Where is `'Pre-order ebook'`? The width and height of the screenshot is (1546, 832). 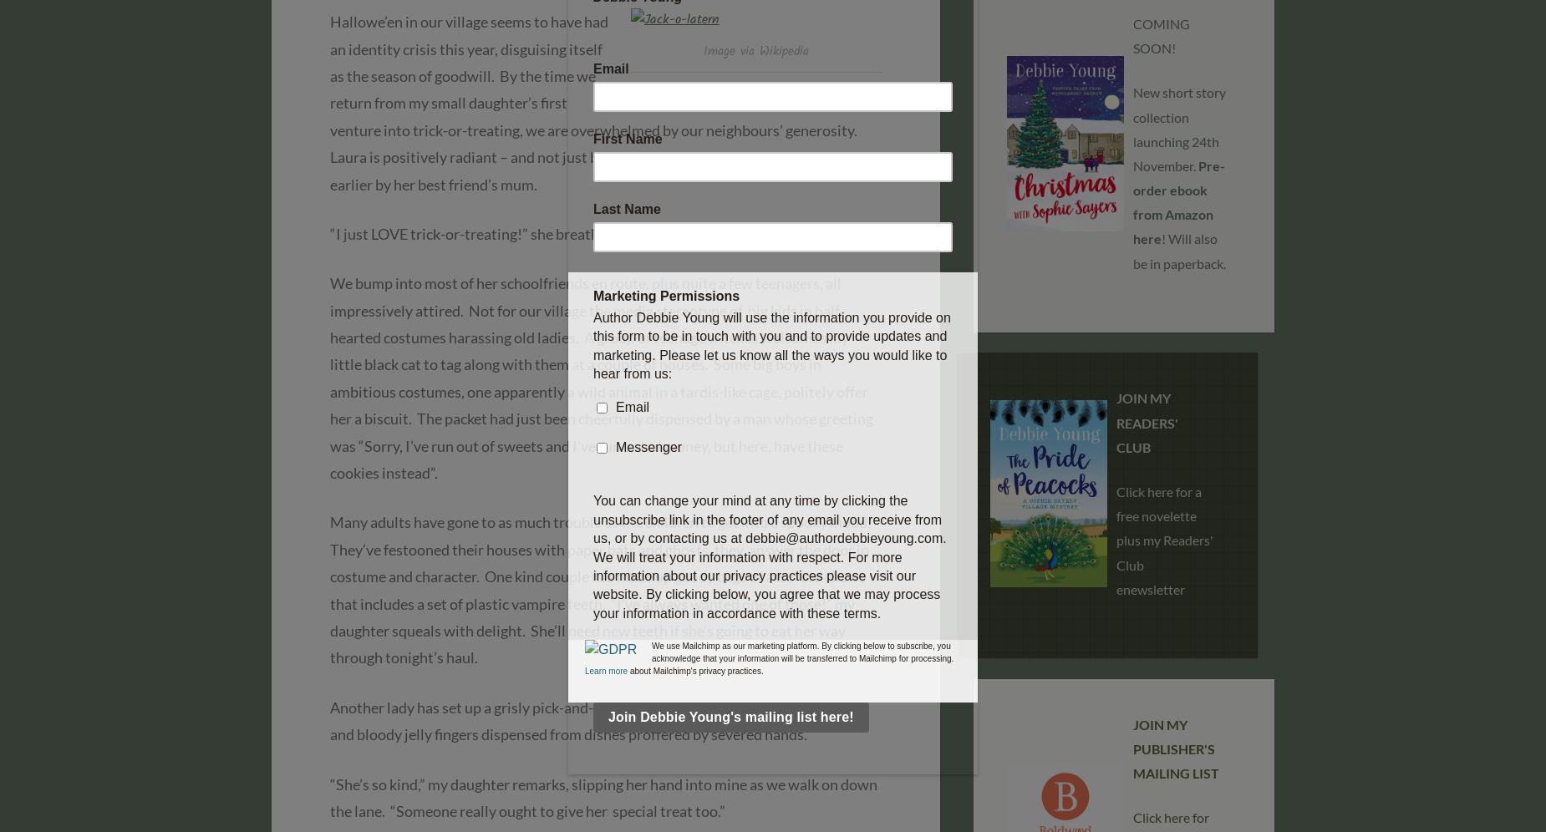
'Pre-order ebook' is located at coordinates (1178, 176).